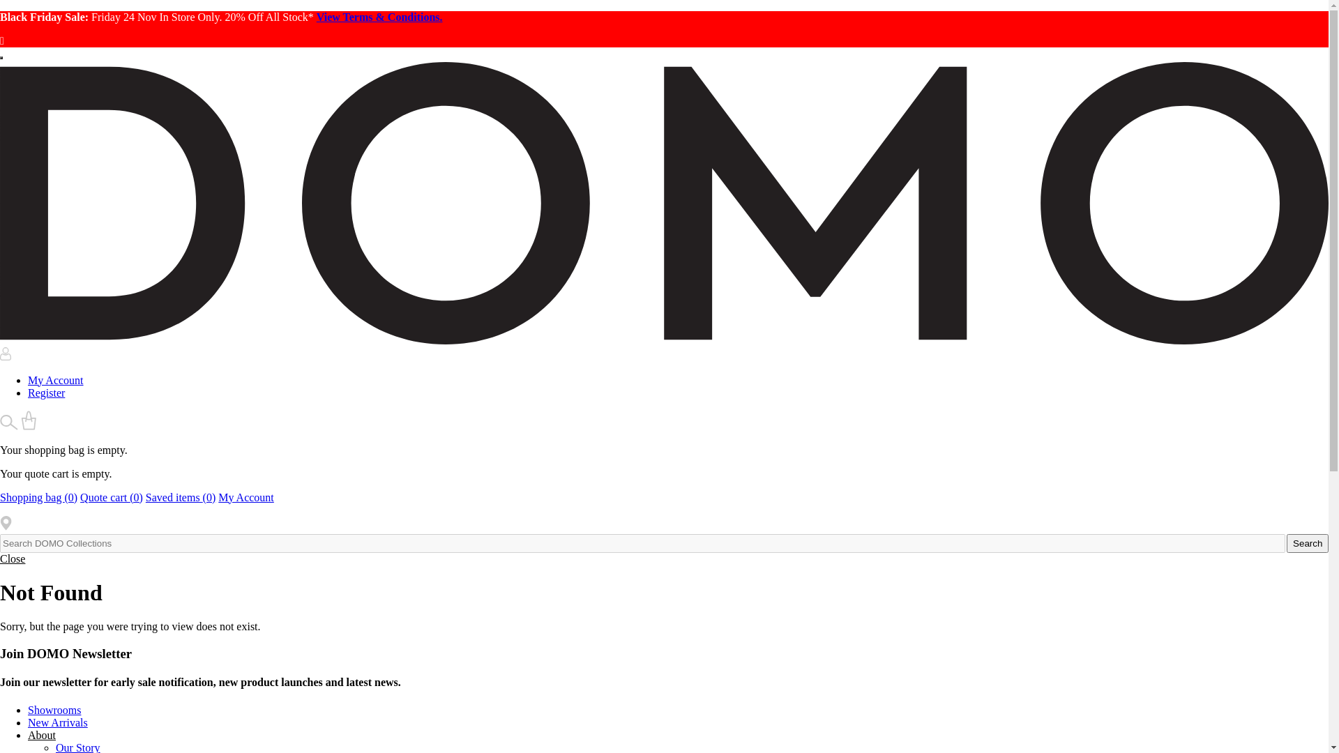 The width and height of the screenshot is (1339, 753). Describe the element at coordinates (110, 496) in the screenshot. I see `'Quote cart (0)'` at that location.